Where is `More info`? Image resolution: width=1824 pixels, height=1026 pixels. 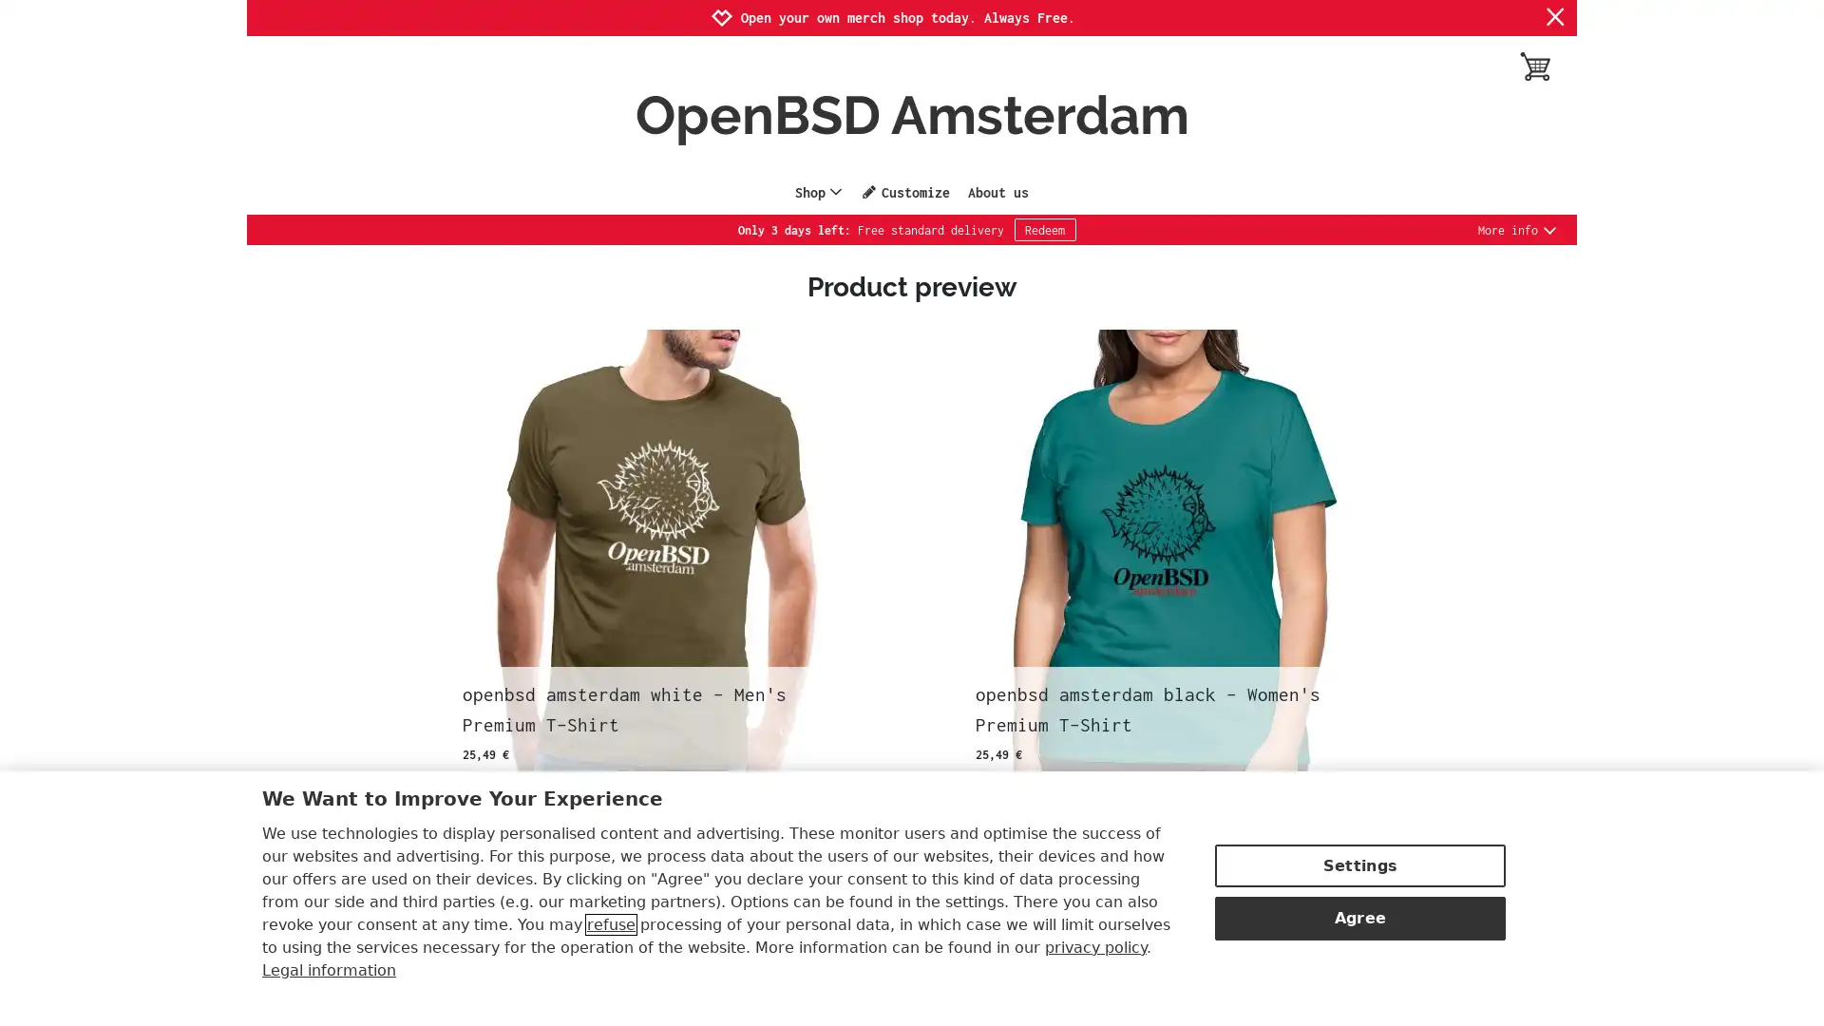
More info is located at coordinates (1517, 229).